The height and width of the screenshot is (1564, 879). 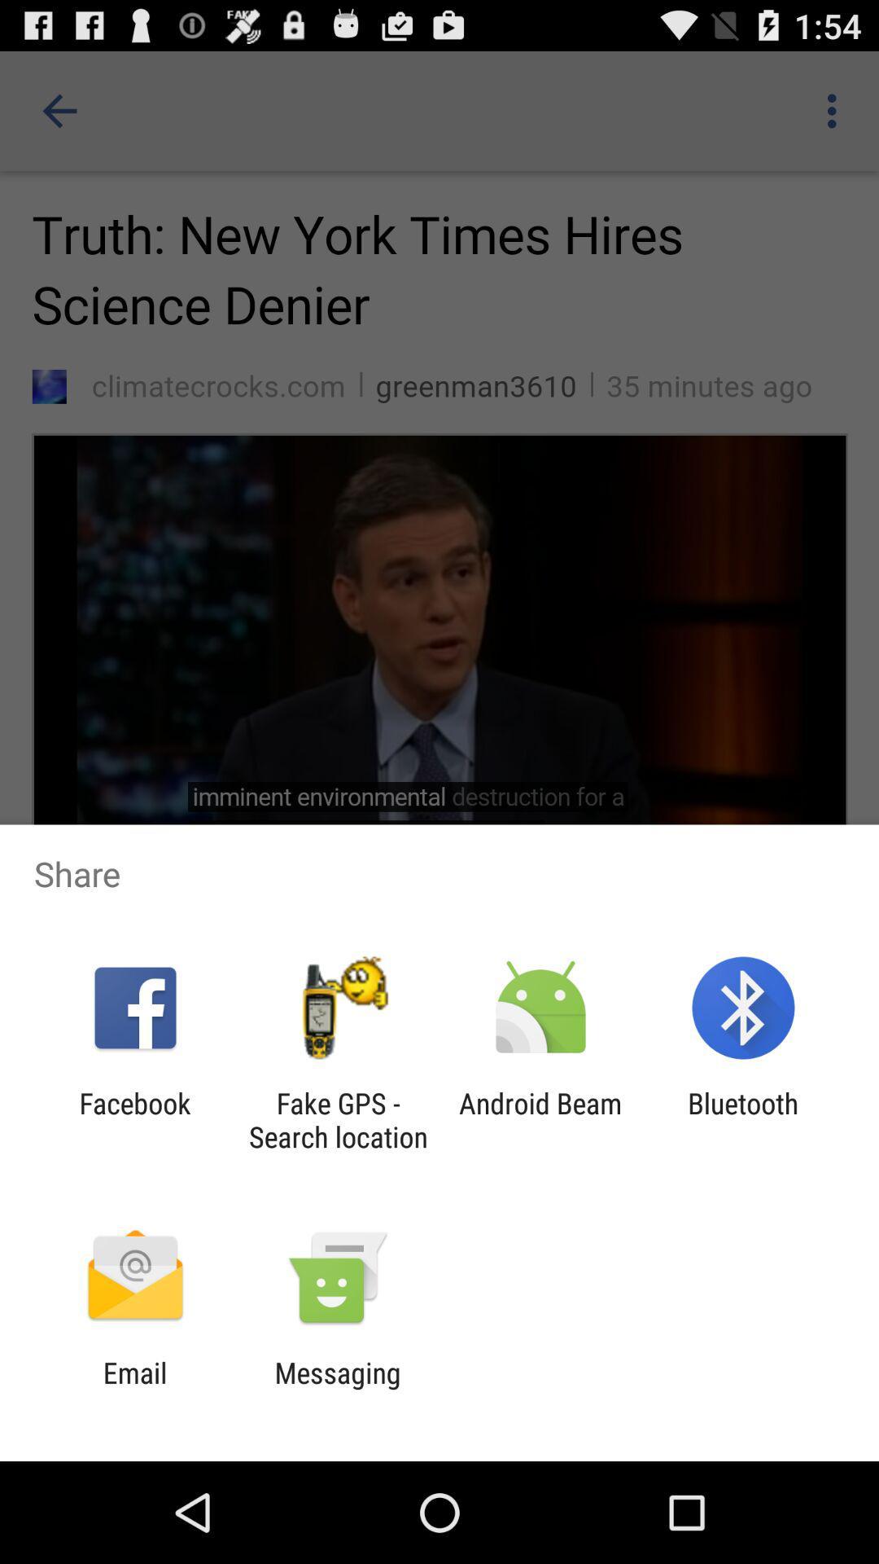 I want to click on item next to the fake gps search app, so click(x=540, y=1119).